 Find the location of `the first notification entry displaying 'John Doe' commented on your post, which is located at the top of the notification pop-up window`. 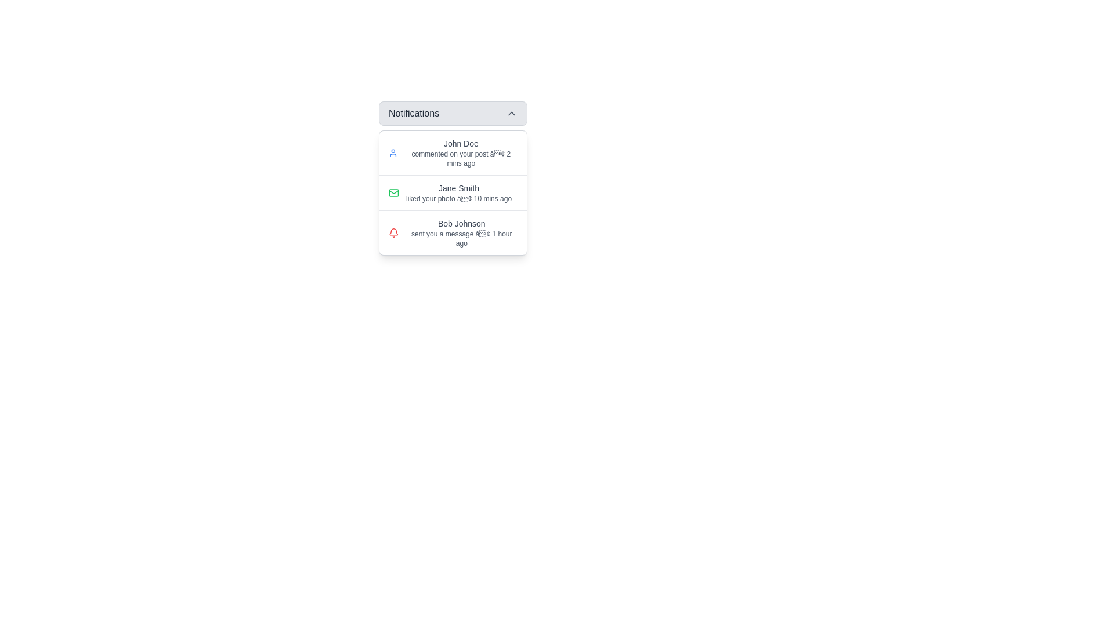

the first notification entry displaying 'John Doe' commented on your post, which is located at the top of the notification pop-up window is located at coordinates (460, 152).